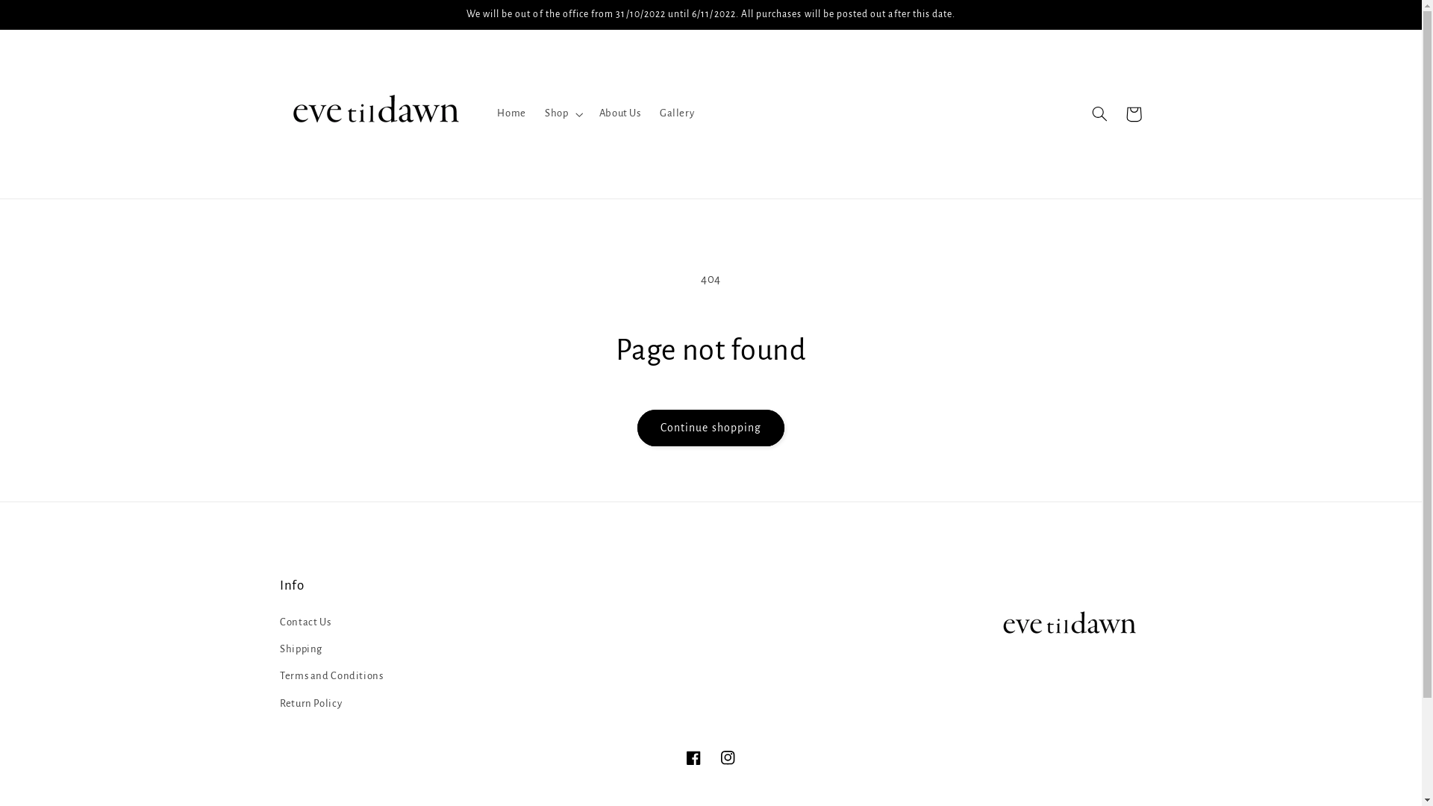  What do you see at coordinates (300, 649) in the screenshot?
I see `'Shipping'` at bounding box center [300, 649].